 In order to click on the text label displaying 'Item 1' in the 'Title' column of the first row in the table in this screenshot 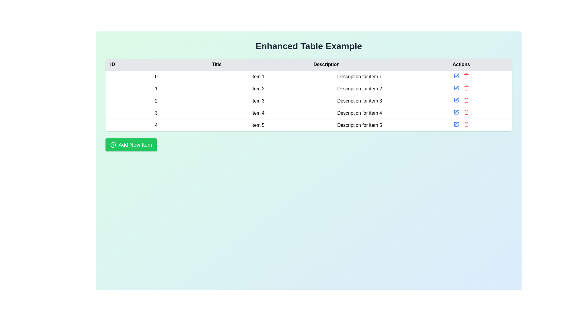, I will do `click(258, 76)`.